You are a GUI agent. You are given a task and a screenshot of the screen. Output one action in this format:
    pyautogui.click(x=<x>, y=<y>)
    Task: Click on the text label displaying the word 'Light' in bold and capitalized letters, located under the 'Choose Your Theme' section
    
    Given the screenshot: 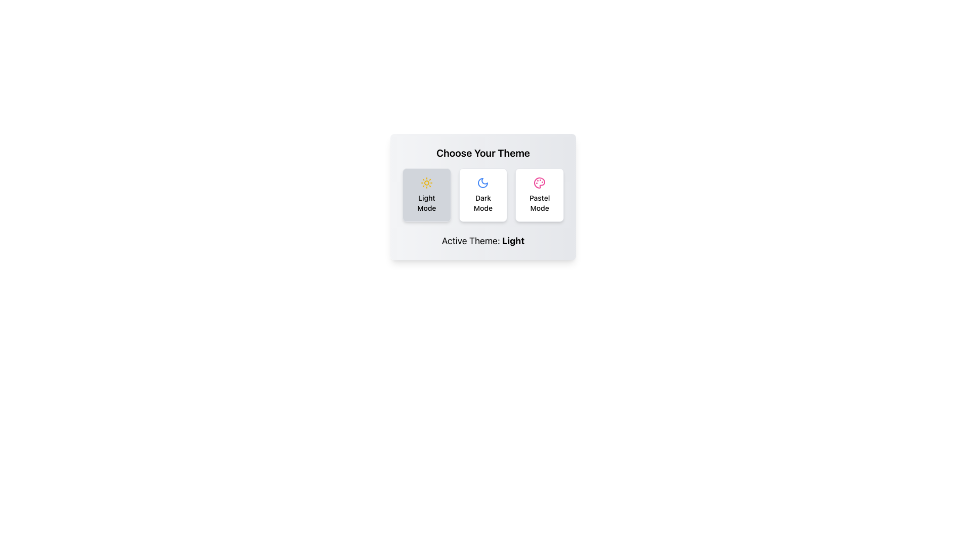 What is the action you would take?
    pyautogui.click(x=513, y=241)
    